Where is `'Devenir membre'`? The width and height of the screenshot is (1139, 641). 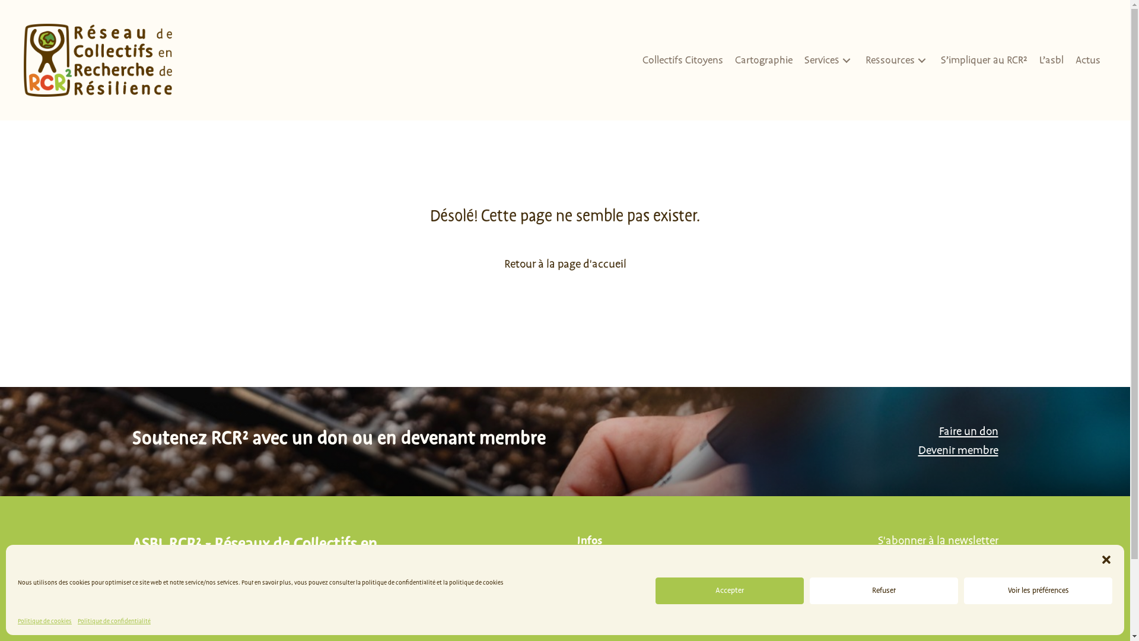 'Devenir membre' is located at coordinates (958, 450).